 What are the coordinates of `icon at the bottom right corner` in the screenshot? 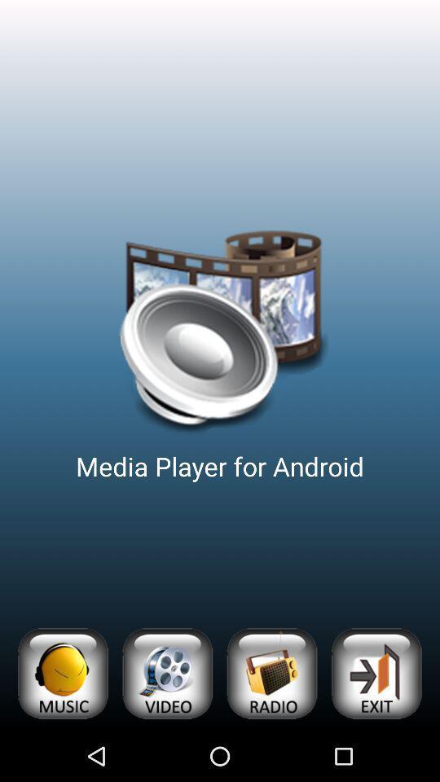 It's located at (376, 674).